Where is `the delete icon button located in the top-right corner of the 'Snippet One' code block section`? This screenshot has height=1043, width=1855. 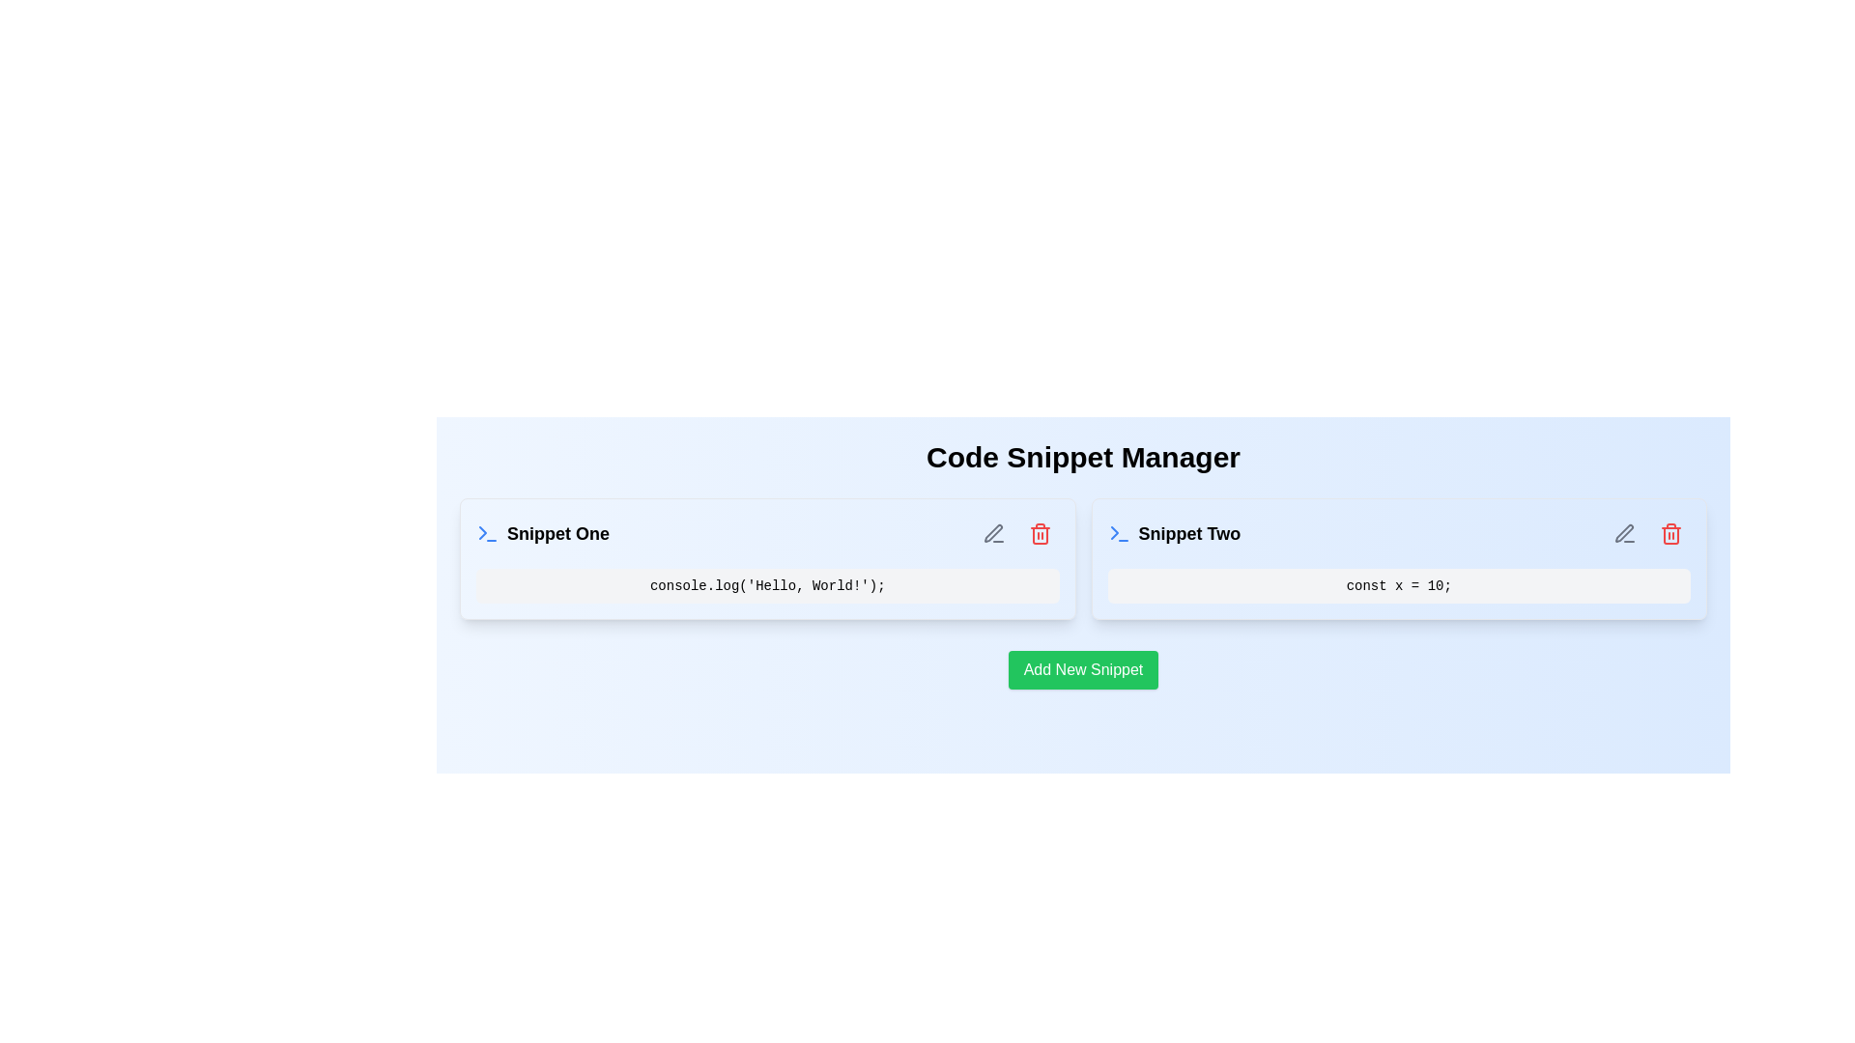
the delete icon button located in the top-right corner of the 'Snippet One' code block section is located at coordinates (1039, 533).